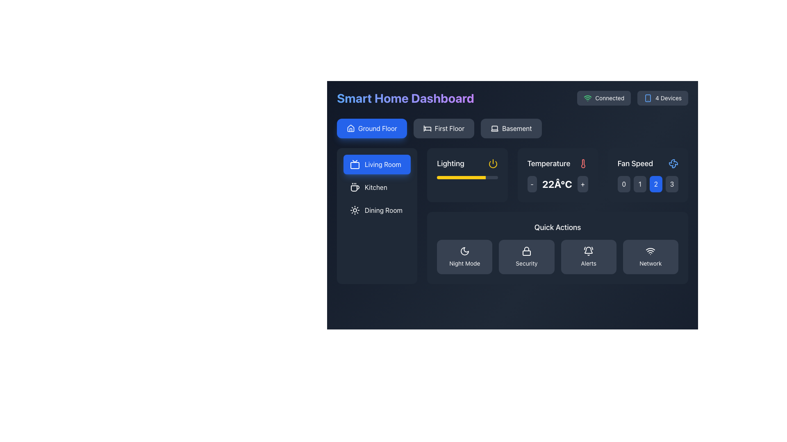 The height and width of the screenshot is (442, 787). What do you see at coordinates (527, 250) in the screenshot?
I see `the lock icon located in the 'Quick Actions' section of the dashboard, which is visually represented as a minimalistic lock with a rectangular base and rounded shackle, positioned directly above the 'Security' label and is the second icon from the left` at bounding box center [527, 250].